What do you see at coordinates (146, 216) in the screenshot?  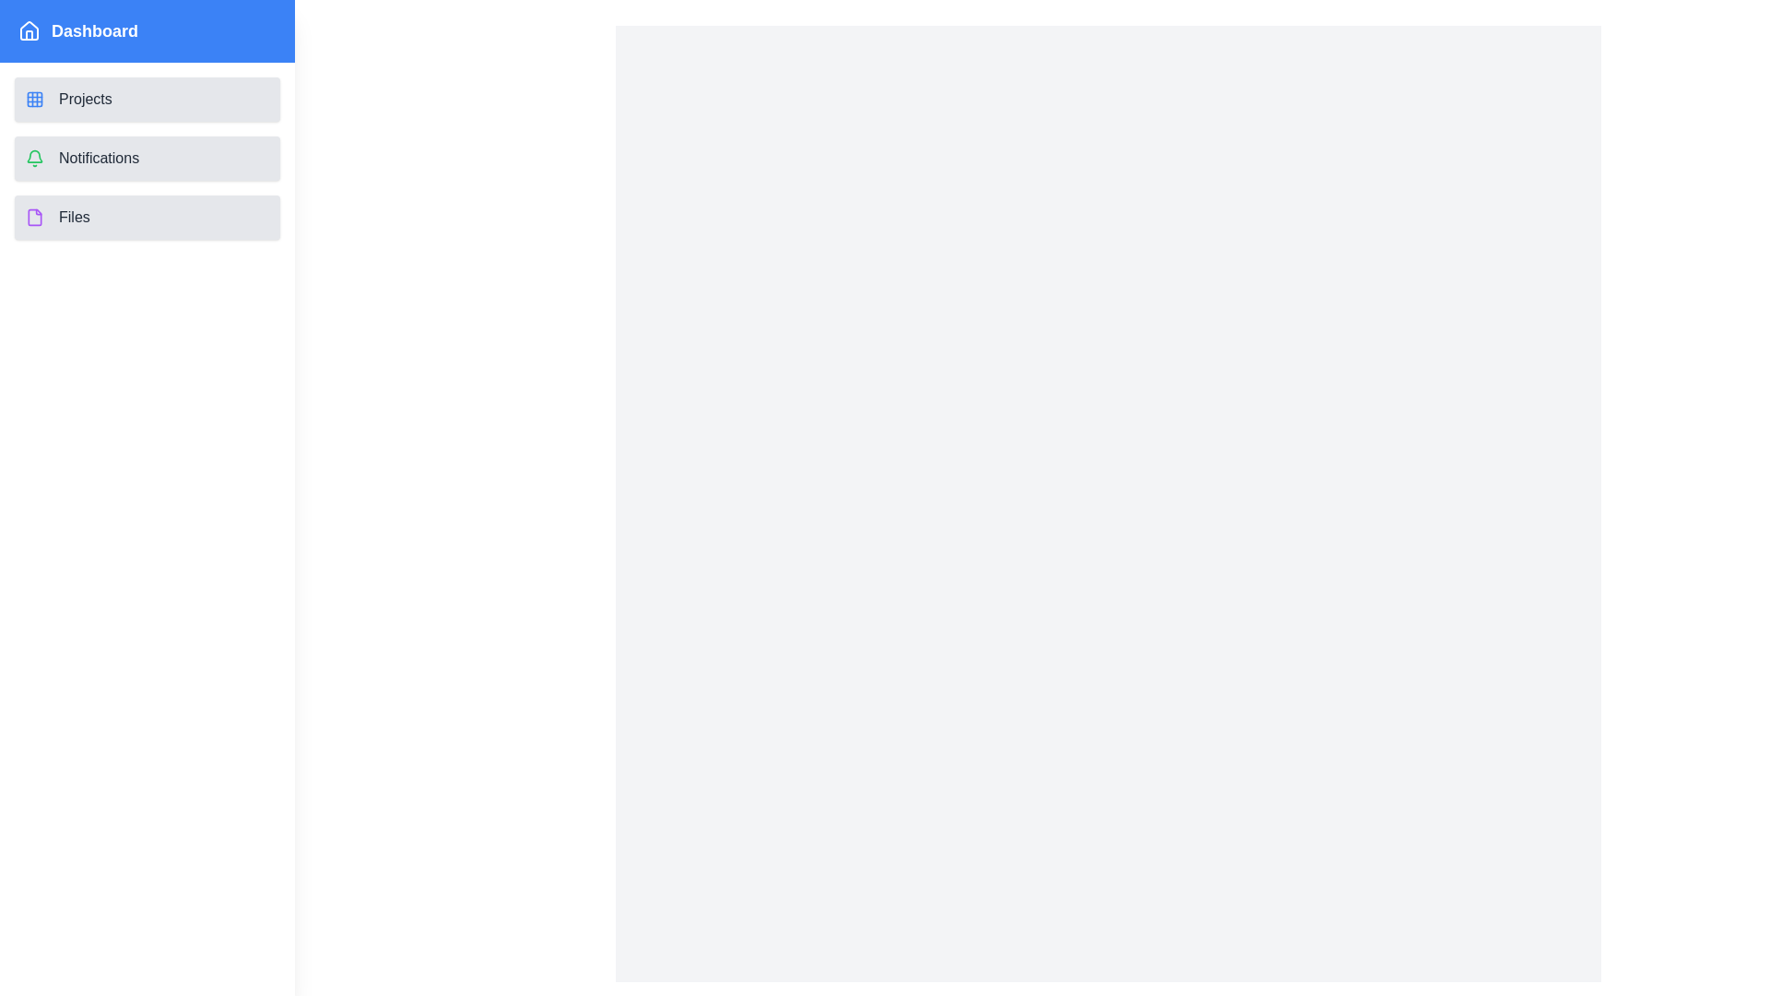 I see `the menu item Files to observe its hover effect` at bounding box center [146, 216].